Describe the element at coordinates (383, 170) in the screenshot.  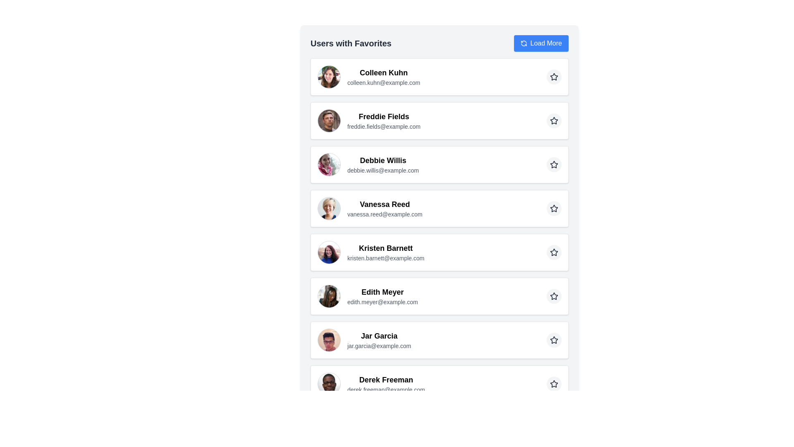
I see `the text label displaying the email address for user 'Debbie Willis', which is located directly below the name in the 'Users with Favorites' section as the third entry in the list` at that location.